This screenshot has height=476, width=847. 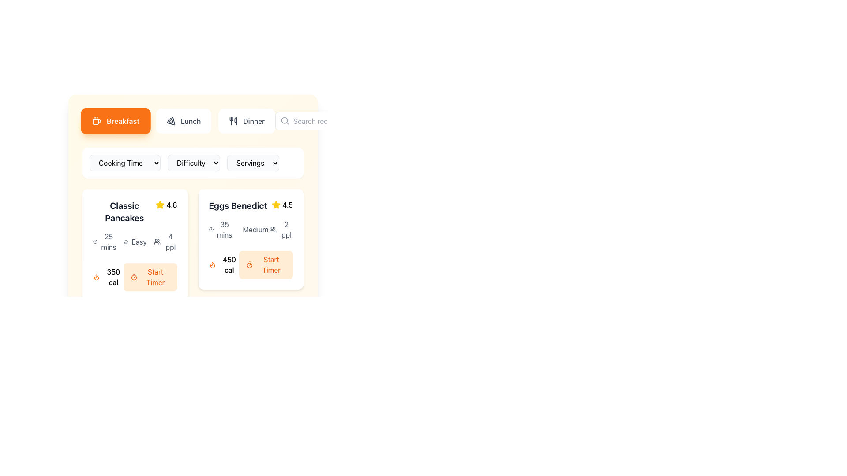 I want to click on the 'Lunch' button, which is the middle button in a row of three, featuring a pizza icon and rounded corners, so click(x=192, y=121).